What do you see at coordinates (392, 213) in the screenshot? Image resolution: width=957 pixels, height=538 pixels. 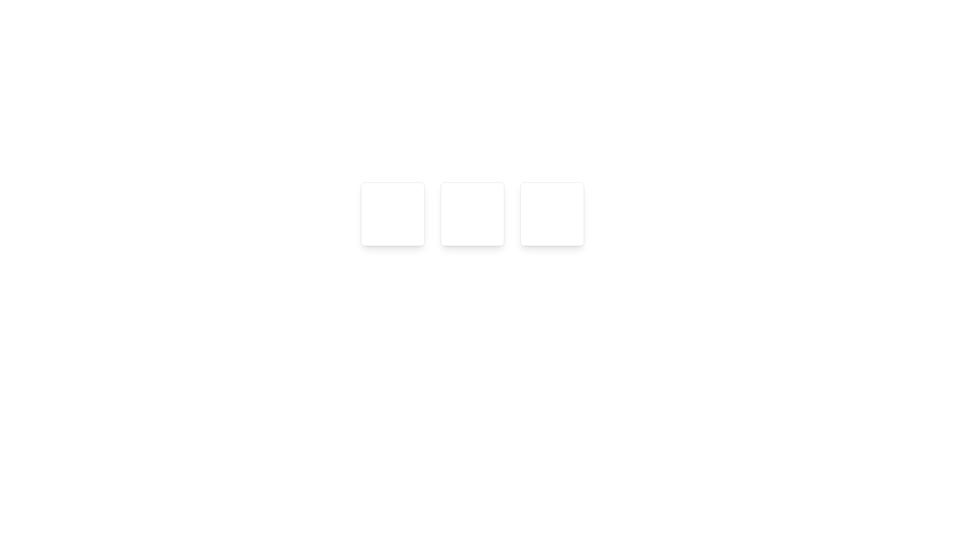 I see `the first card or tile component in a horizontal sequence` at bounding box center [392, 213].